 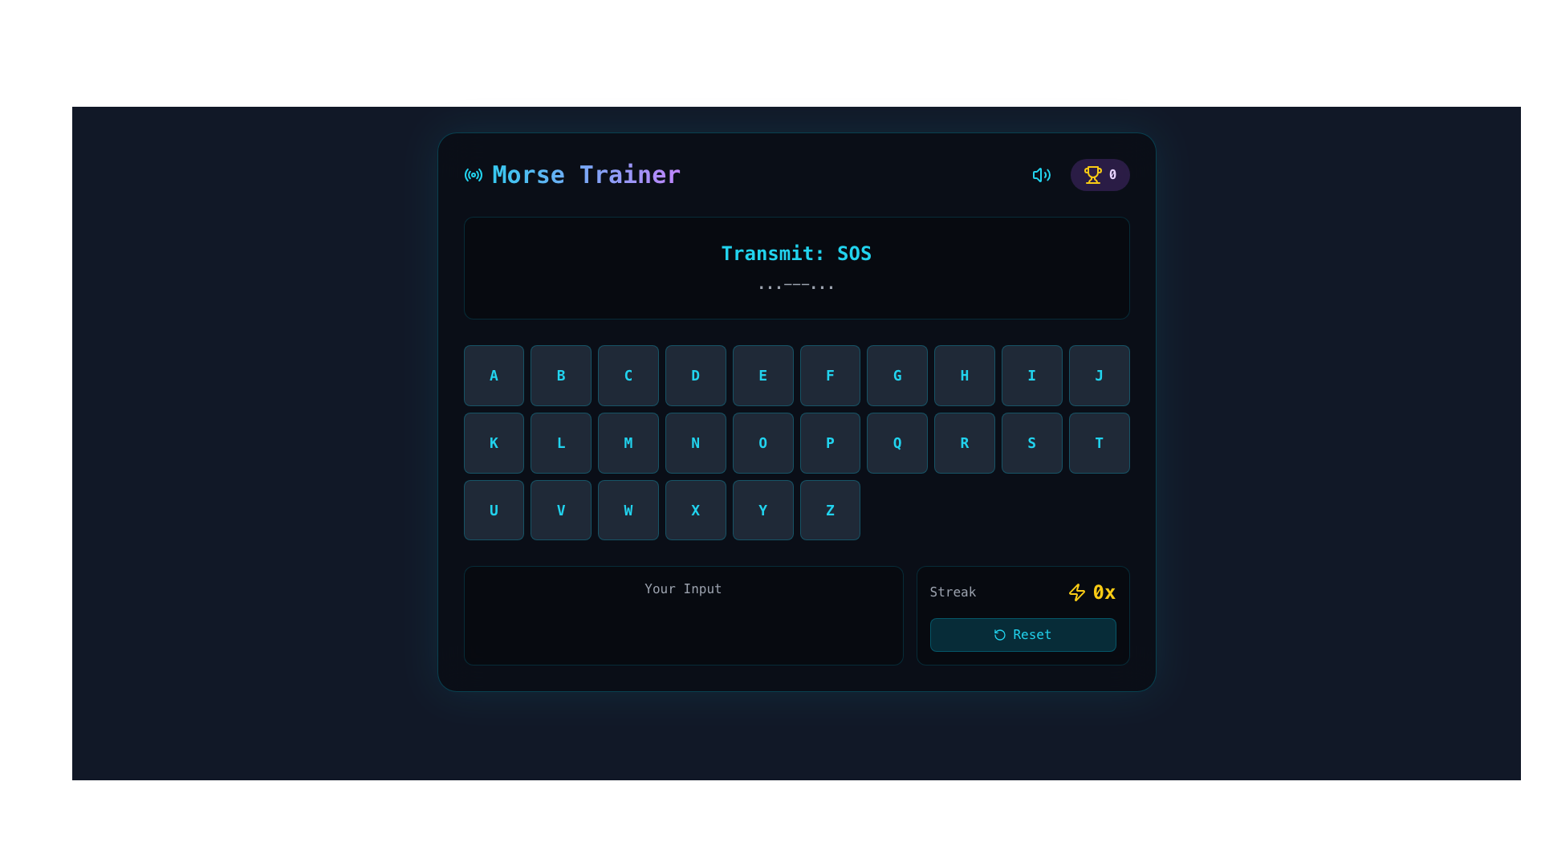 What do you see at coordinates (493, 510) in the screenshot?
I see `the rectangular button with a cyan letter 'U' centered against a dark background, located in the first column of the fifth row of a grid layout, to input the letter U` at bounding box center [493, 510].